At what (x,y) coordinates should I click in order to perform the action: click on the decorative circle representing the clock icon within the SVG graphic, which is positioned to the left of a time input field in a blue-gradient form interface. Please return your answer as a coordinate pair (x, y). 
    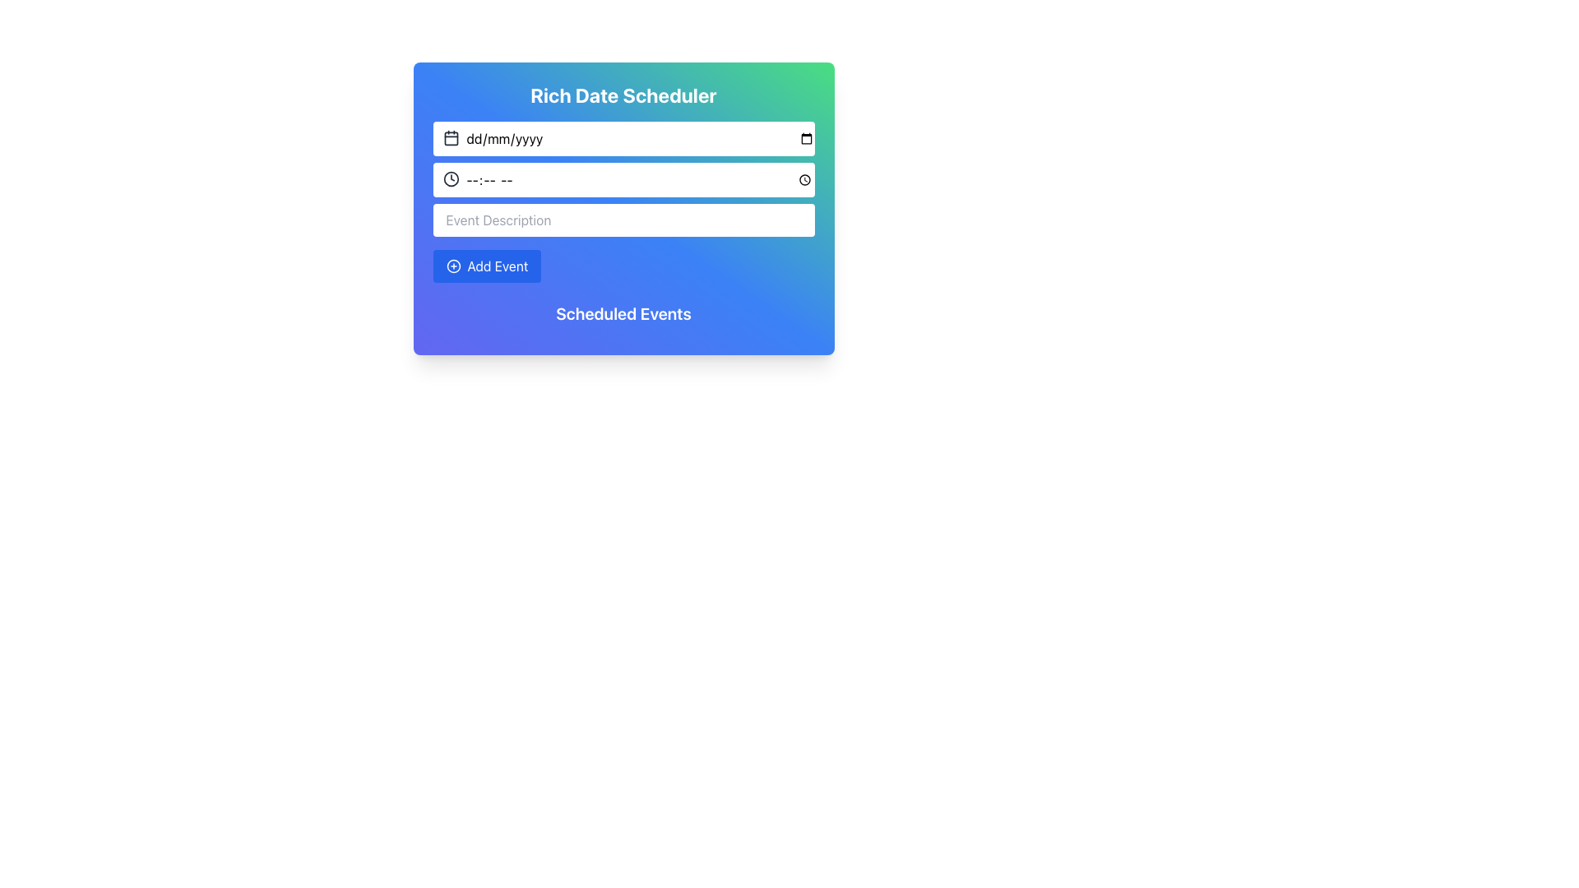
    Looking at the image, I should click on (451, 179).